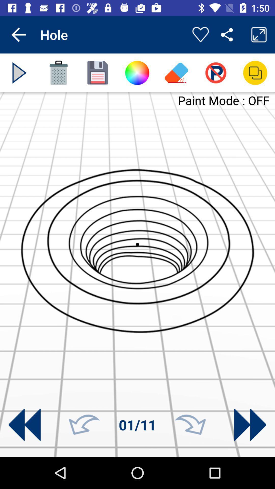 Image resolution: width=275 pixels, height=489 pixels. What do you see at coordinates (200, 34) in the screenshot?
I see `mark as favorite` at bounding box center [200, 34].